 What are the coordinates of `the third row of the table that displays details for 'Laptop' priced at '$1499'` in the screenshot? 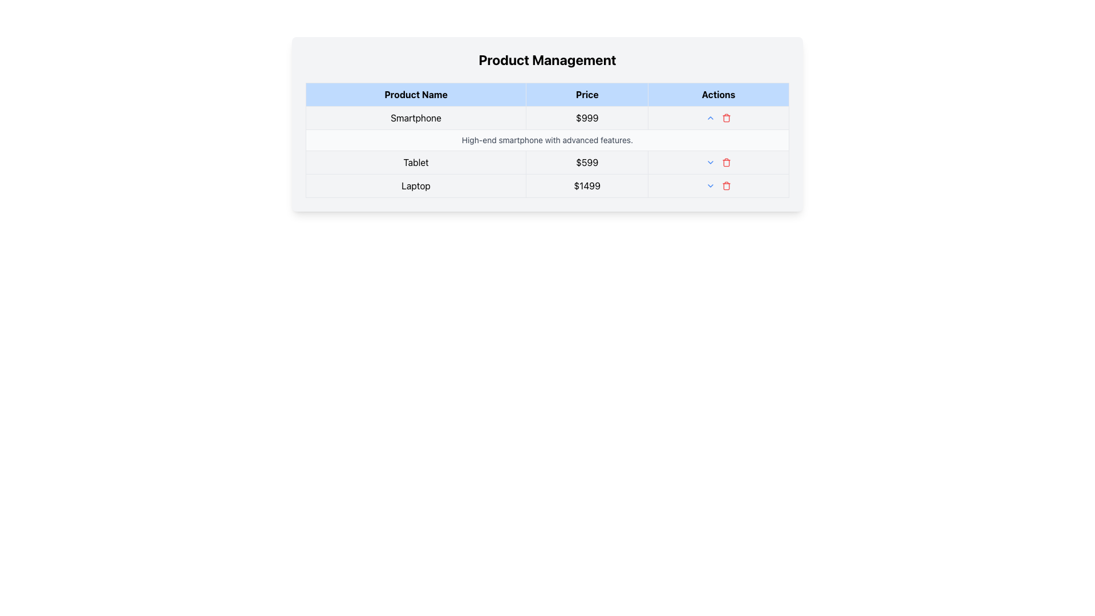 It's located at (547, 185).